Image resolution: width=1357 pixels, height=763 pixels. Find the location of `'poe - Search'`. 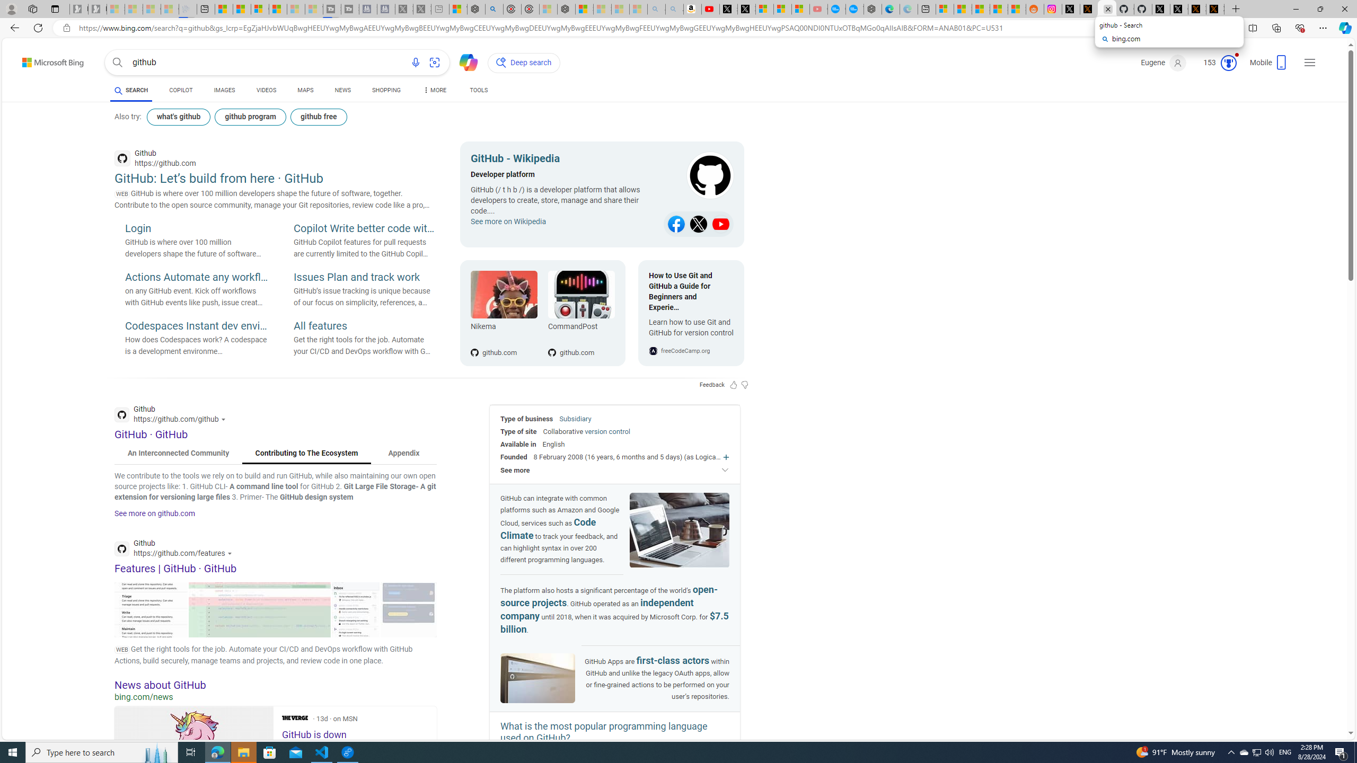

'poe - Search' is located at coordinates (493, 8).